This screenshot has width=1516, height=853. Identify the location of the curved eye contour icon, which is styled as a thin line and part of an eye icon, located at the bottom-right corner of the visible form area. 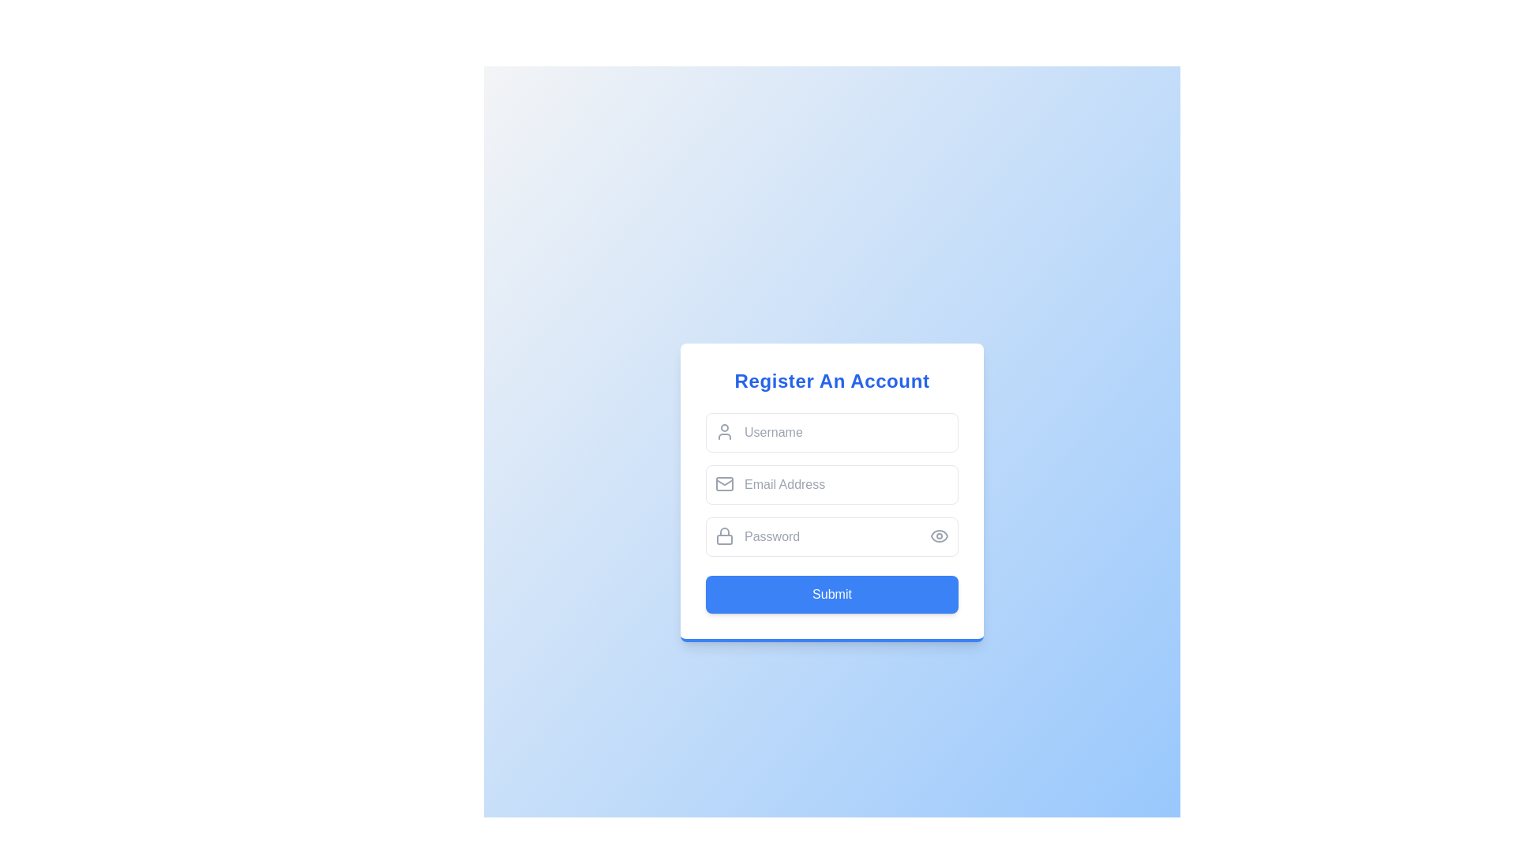
(940, 535).